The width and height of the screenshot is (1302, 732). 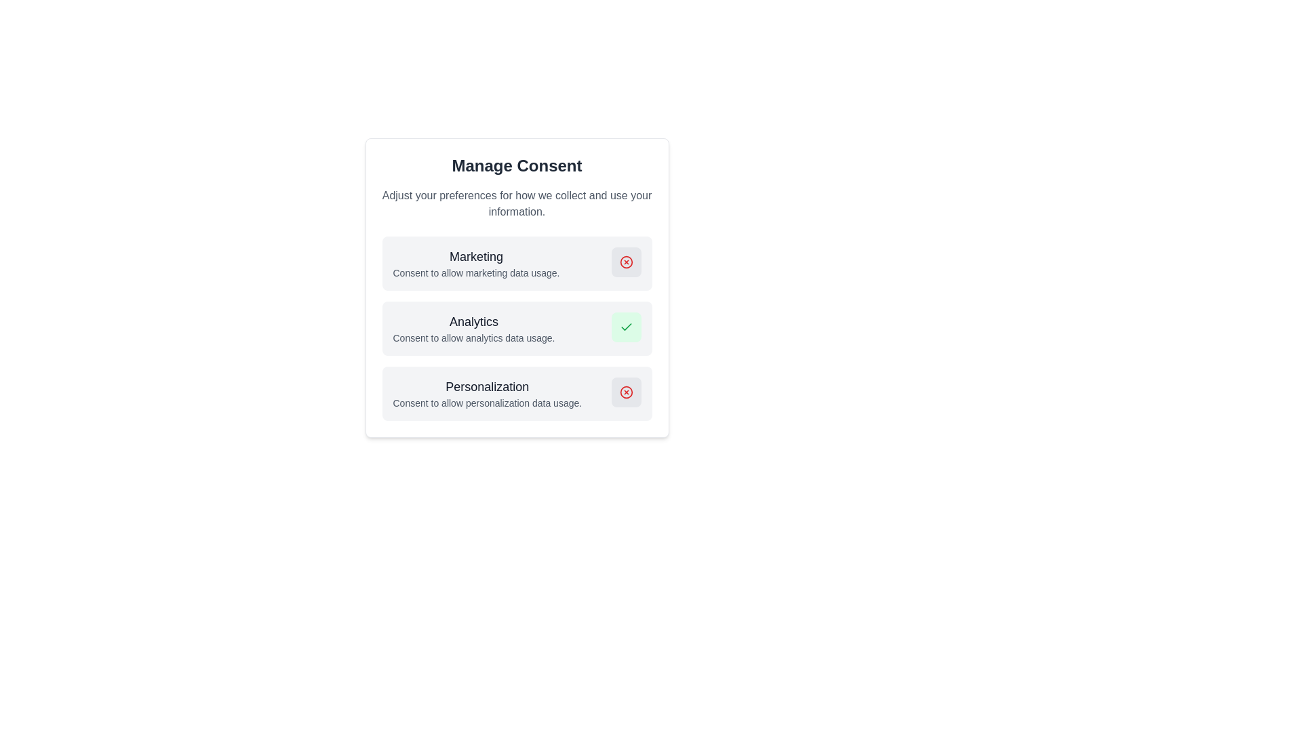 What do you see at coordinates (487, 402) in the screenshot?
I see `the text label displaying 'Consent to allow personalization data usage.' located beneath the 'Personalization' title in the 'Manage Consent' section` at bounding box center [487, 402].